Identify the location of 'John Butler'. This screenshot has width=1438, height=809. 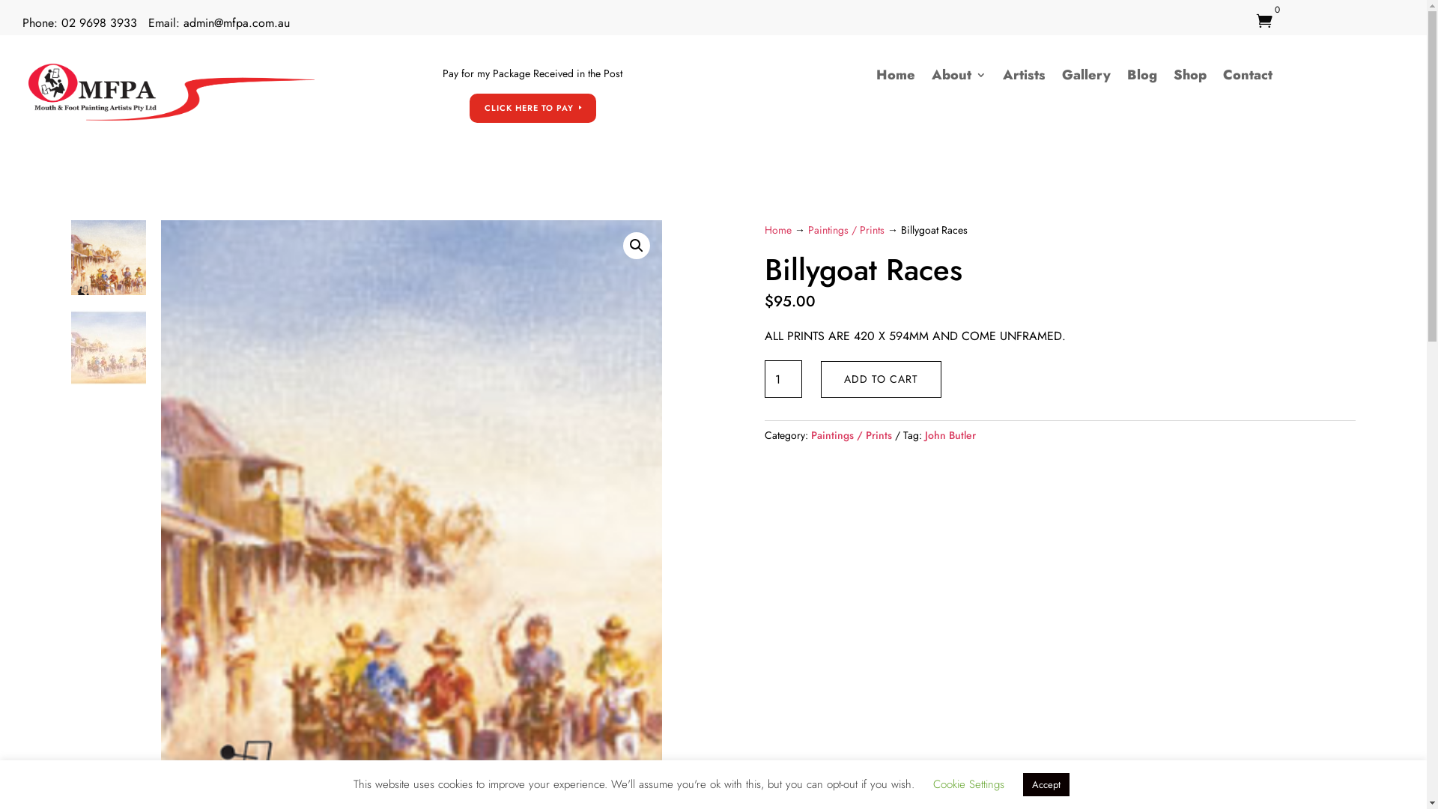
(949, 435).